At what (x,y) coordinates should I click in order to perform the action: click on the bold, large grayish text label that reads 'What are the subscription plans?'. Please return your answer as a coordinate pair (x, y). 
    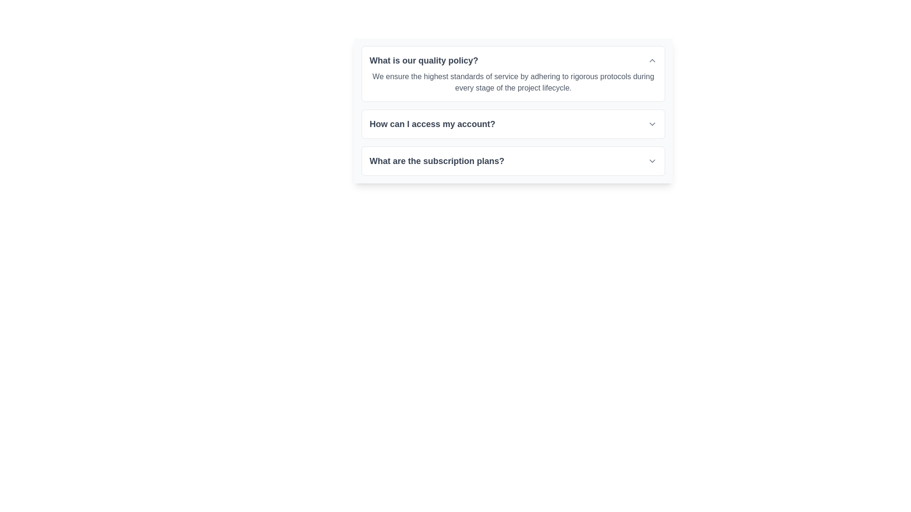
    Looking at the image, I should click on (437, 160).